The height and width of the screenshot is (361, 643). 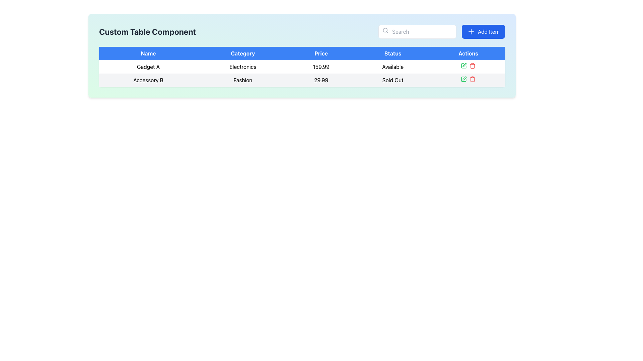 What do you see at coordinates (393, 80) in the screenshot?
I see `the static text label indicating the availability status of 'Accessory B', located in the second row of the table under the 'Status' column` at bounding box center [393, 80].